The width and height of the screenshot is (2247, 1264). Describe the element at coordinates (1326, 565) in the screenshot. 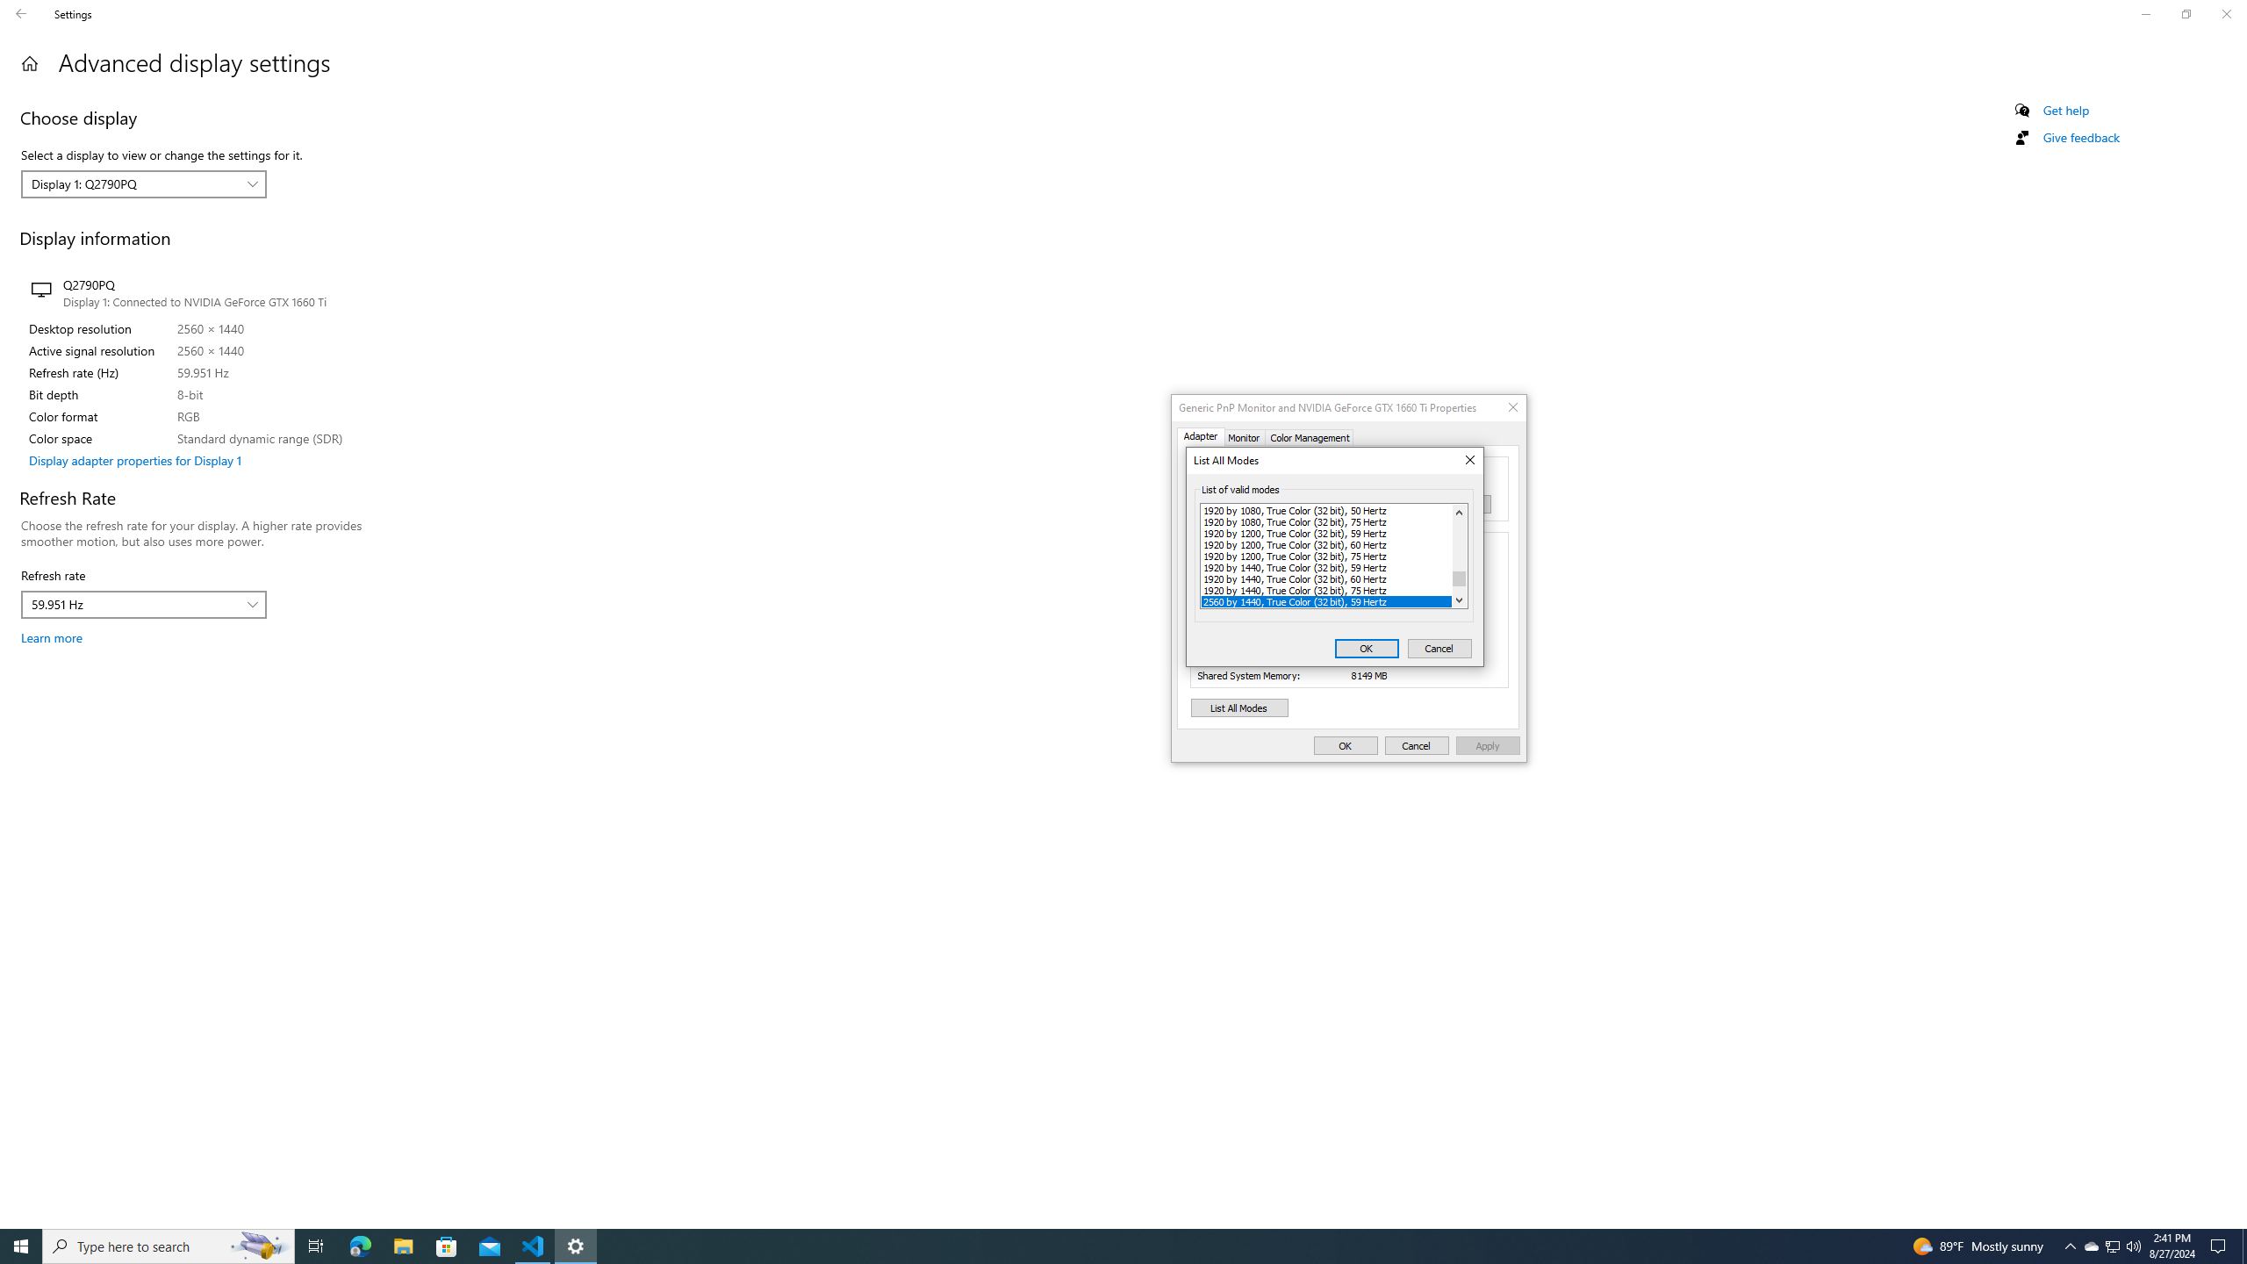

I see `'1920 by 1440, True Color (32 bit), 59 Hertz'` at that location.